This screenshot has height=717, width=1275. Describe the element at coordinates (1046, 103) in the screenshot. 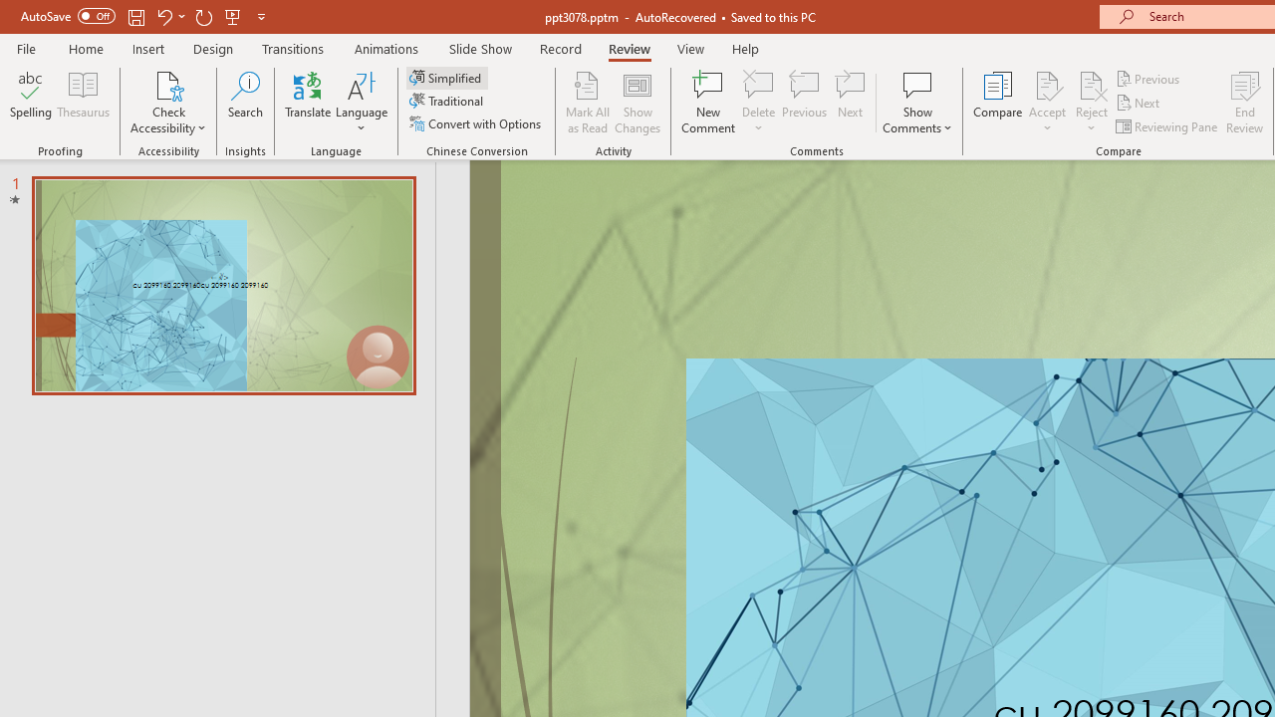

I see `'Accept'` at that location.